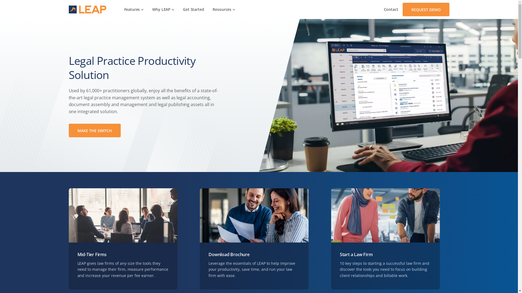 This screenshot has width=522, height=293. Describe the element at coordinates (402, 9) in the screenshot. I see `'REQUEST DEMO'` at that location.